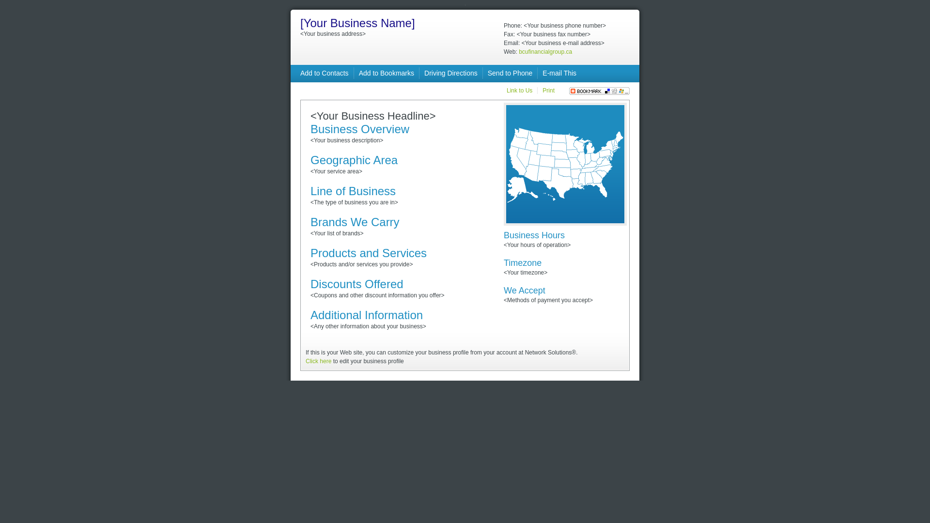 The height and width of the screenshot is (523, 930). I want to click on 'Print', so click(548, 90).